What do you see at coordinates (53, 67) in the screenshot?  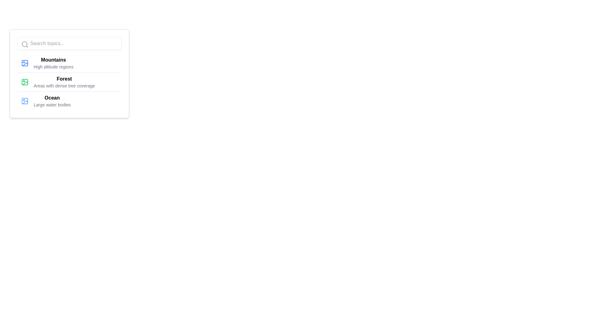 I see `the descriptive text element located immediately below the 'Mountains' text in the list-style layout` at bounding box center [53, 67].